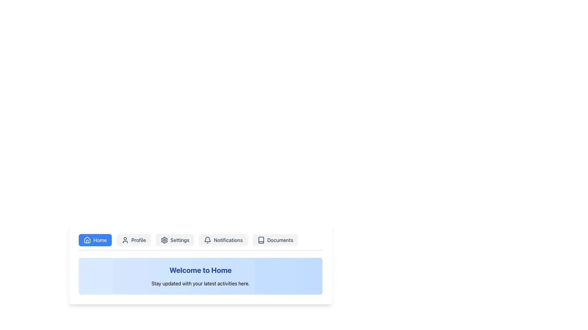  Describe the element at coordinates (200, 276) in the screenshot. I see `the styled rectangular Text Section with a blue gradient background containing 'Welcome to Home' and 'Stay updated with your latest activities here.'` at that location.